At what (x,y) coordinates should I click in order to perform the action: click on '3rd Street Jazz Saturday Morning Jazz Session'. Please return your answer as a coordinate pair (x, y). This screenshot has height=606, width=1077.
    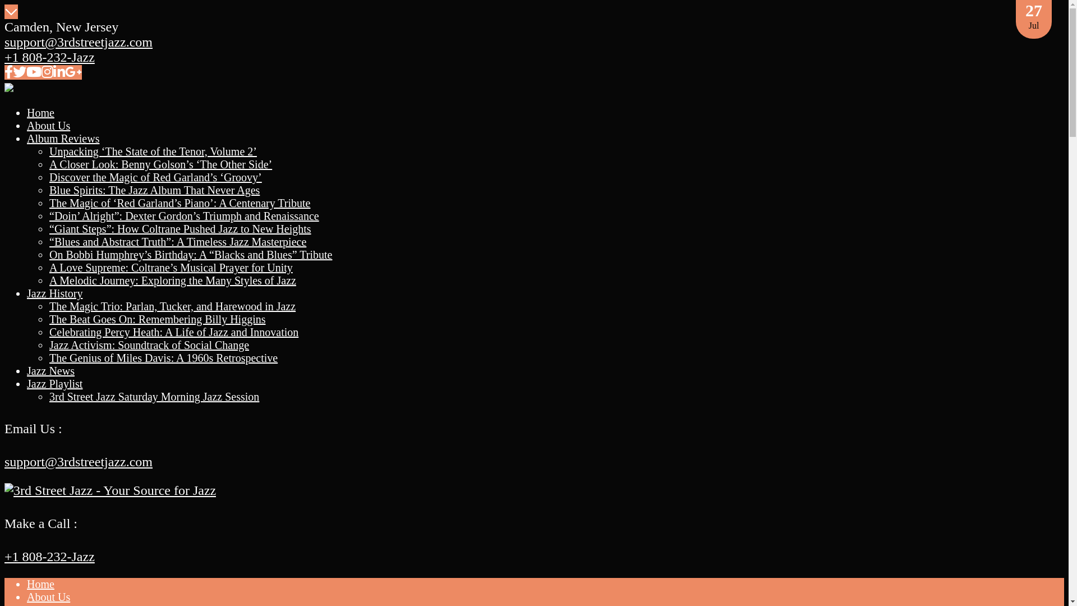
    Looking at the image, I should click on (153, 396).